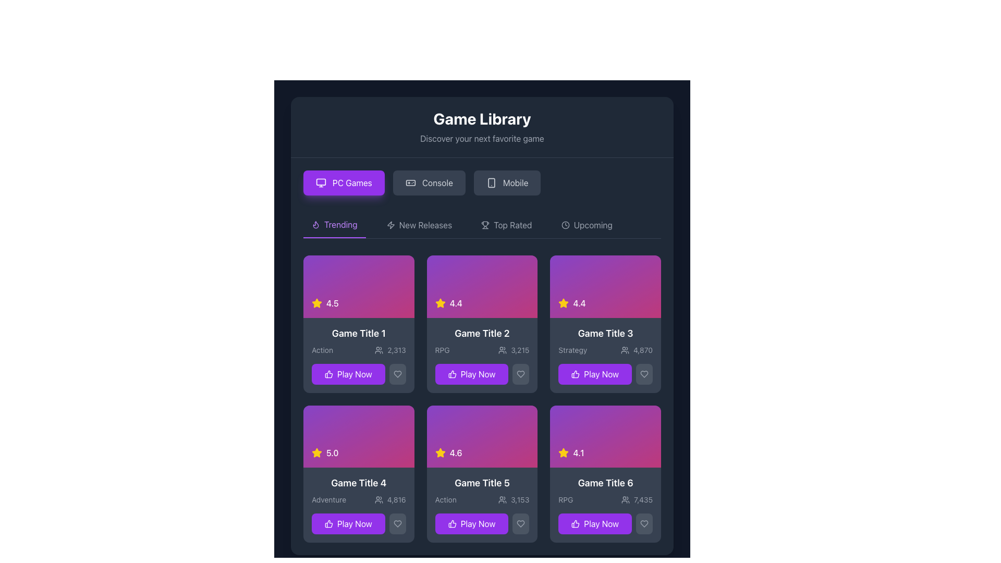 The image size is (1001, 563). Describe the element at coordinates (352, 182) in the screenshot. I see `the 'PC Games' button text` at that location.